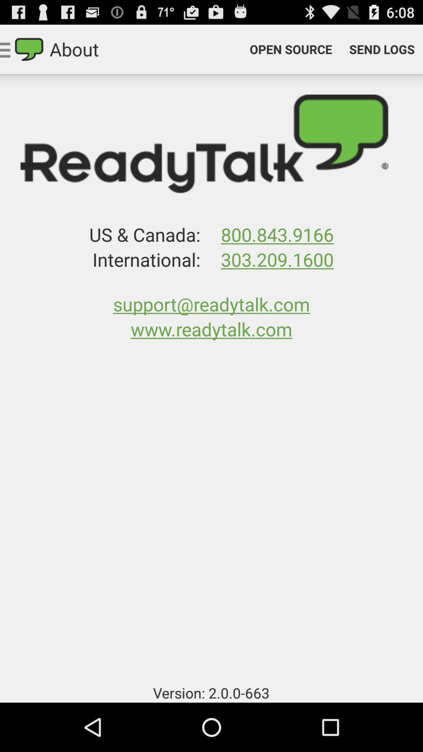 This screenshot has height=752, width=423. Describe the element at coordinates (291, 49) in the screenshot. I see `the open source icon` at that location.